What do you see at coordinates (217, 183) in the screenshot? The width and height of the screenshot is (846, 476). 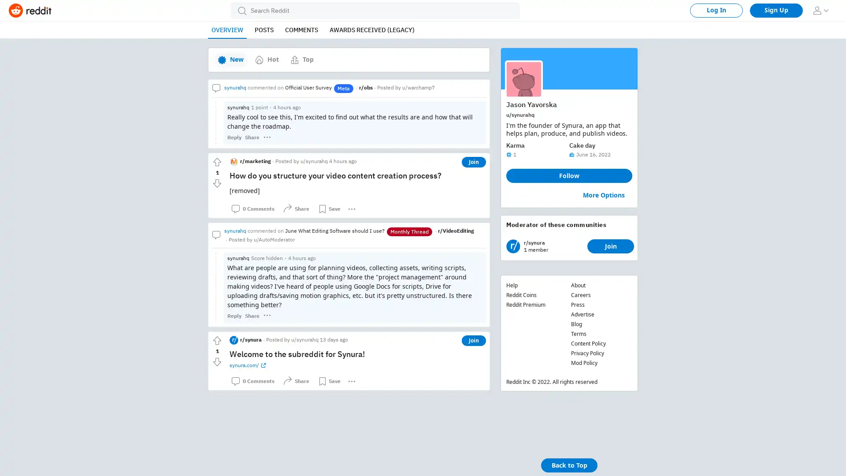 I see `downvote` at bounding box center [217, 183].